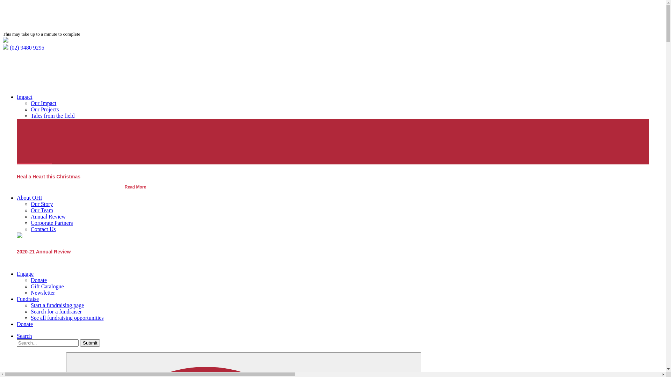 The image size is (671, 377). I want to click on 'Gift Catalogue', so click(47, 286).